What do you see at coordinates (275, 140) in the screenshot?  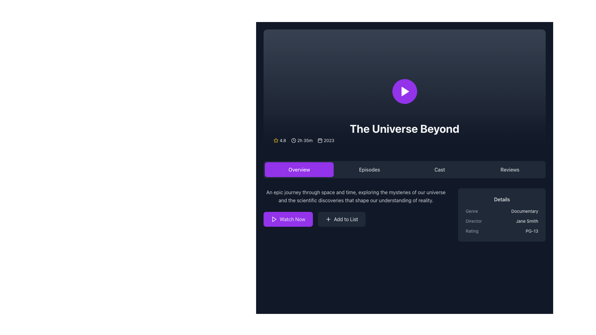 I see `the star icon representing the rating system, located in the top-left quadrant adjacent to the user's rating` at bounding box center [275, 140].